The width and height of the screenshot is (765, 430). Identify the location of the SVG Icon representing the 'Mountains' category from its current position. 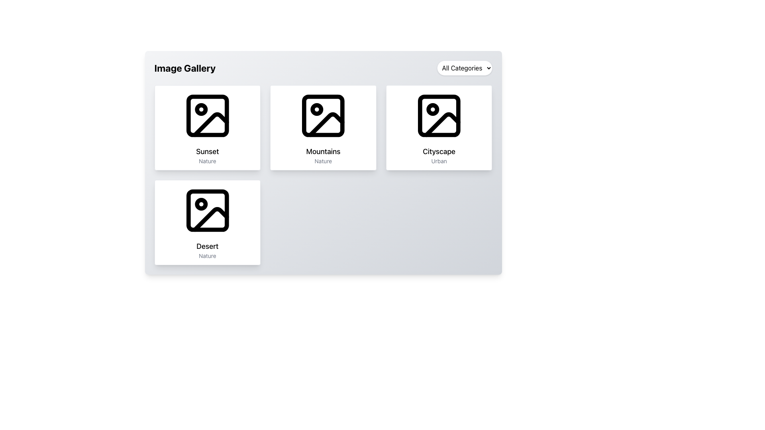
(323, 115).